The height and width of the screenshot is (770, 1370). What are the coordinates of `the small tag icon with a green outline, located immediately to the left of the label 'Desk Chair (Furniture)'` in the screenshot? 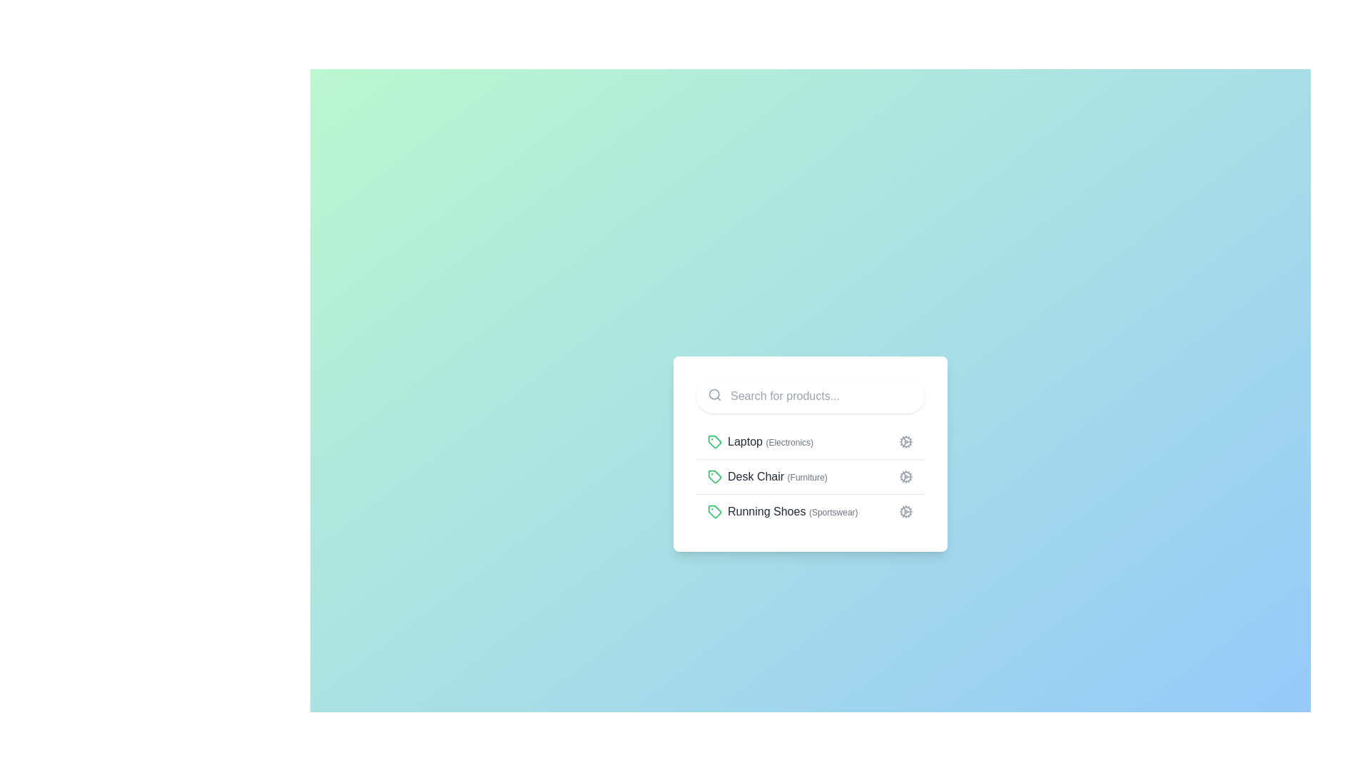 It's located at (715, 476).